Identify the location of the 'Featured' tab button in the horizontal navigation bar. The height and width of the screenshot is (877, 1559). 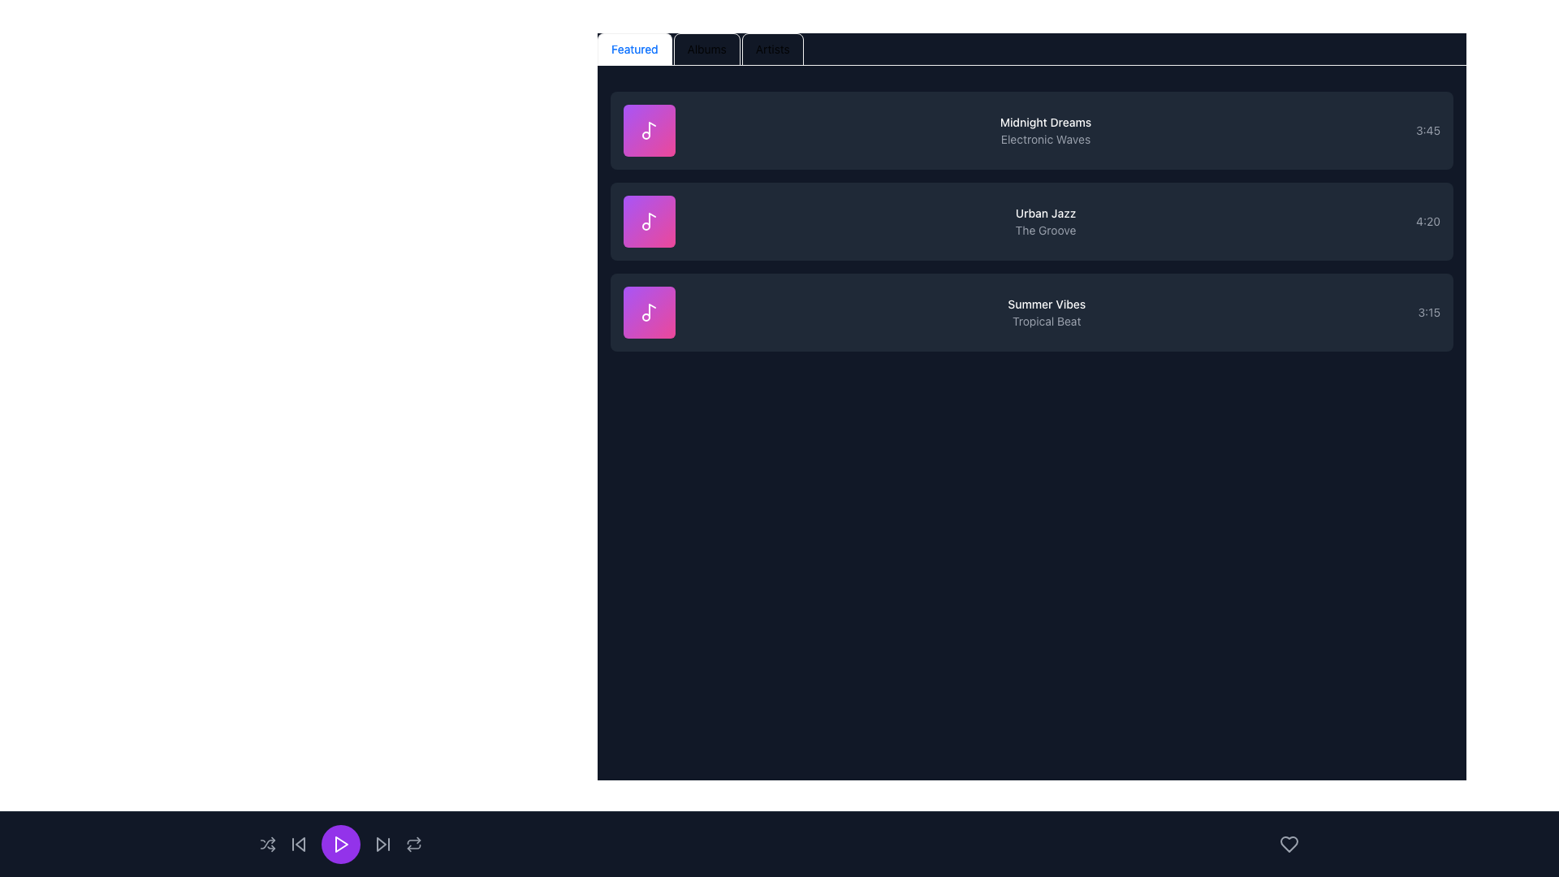
(633, 49).